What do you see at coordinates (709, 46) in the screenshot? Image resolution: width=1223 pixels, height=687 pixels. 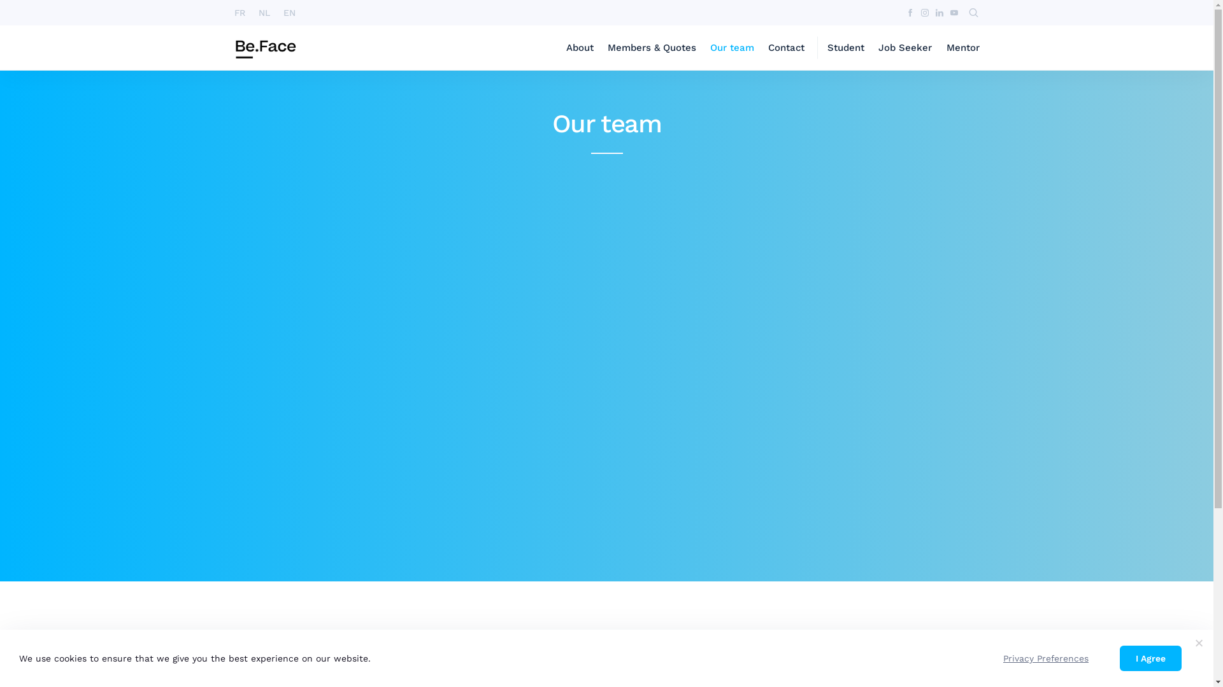 I see `'Our team'` at bounding box center [709, 46].